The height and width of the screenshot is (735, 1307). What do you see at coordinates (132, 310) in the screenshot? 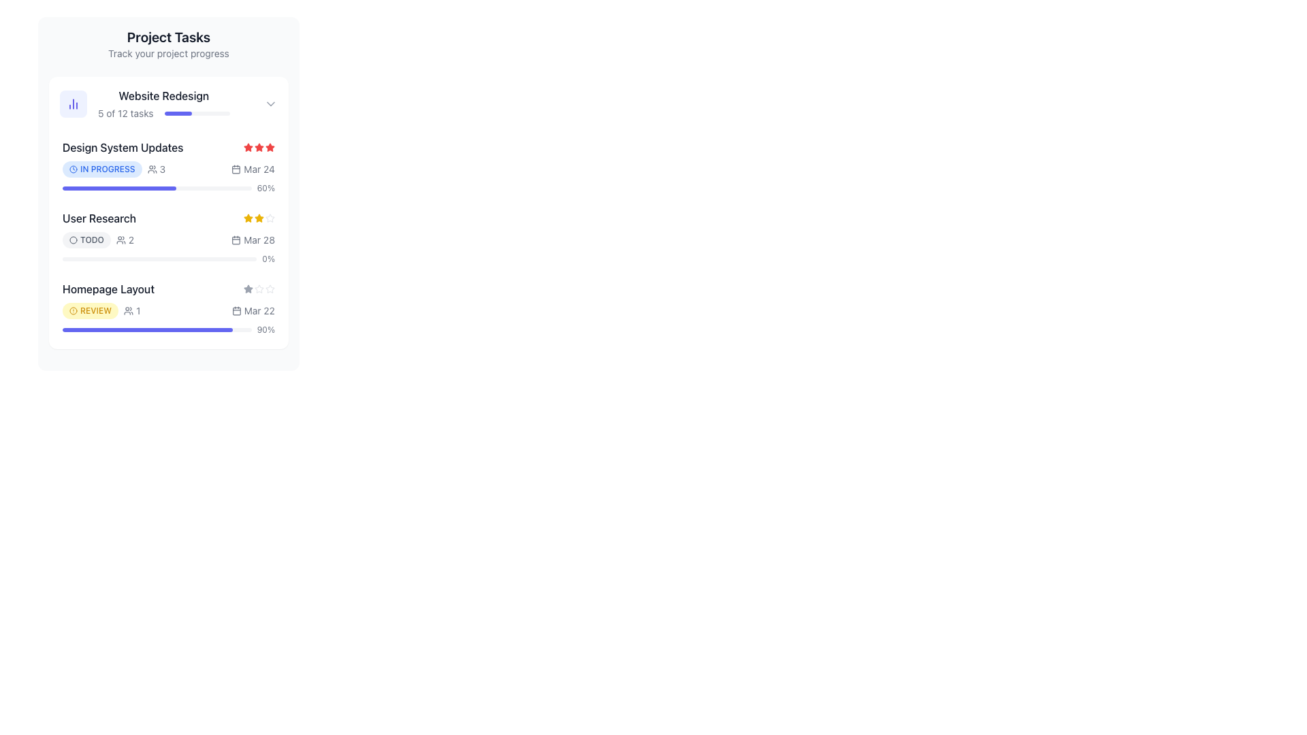
I see `the informational element displaying the number of user interactions or participants associated with the 'Homepage Layout' task, located in the lower-right section of the task row, next to the 'REVIEW' badge and the date entry 'Mar 22'` at bounding box center [132, 310].